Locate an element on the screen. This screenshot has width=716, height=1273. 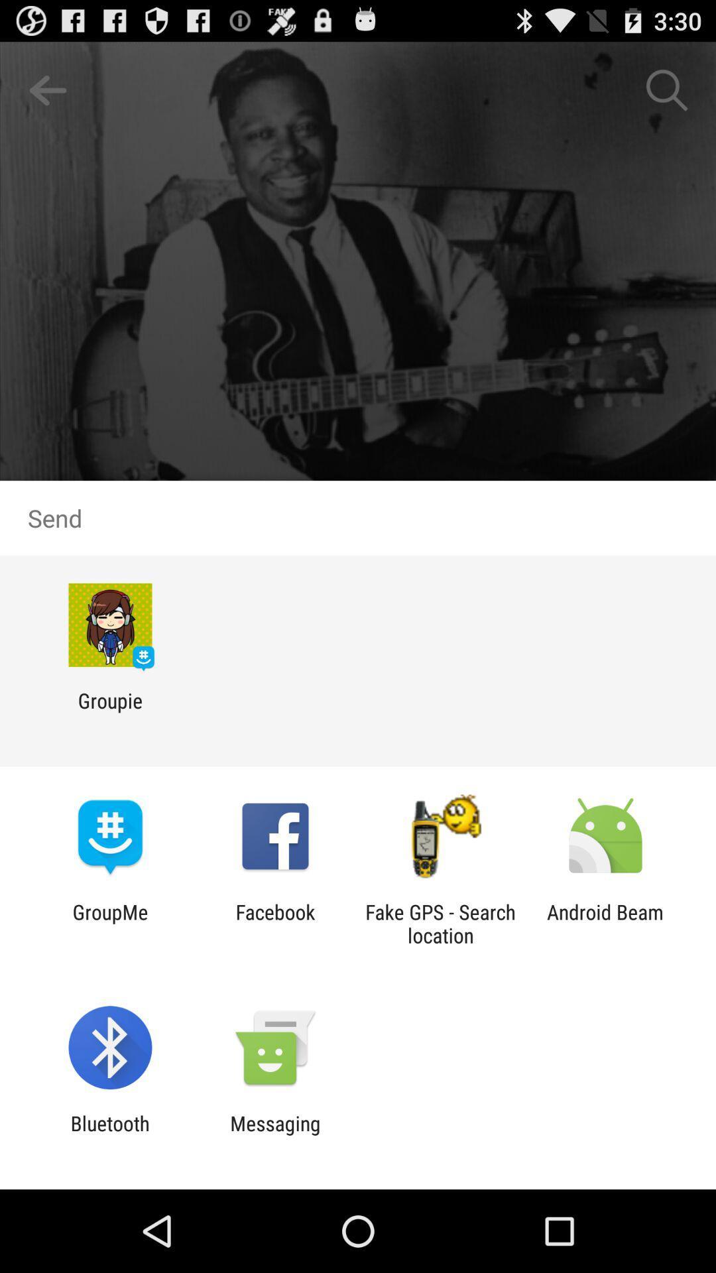
the bluetooth icon is located at coordinates (109, 1134).